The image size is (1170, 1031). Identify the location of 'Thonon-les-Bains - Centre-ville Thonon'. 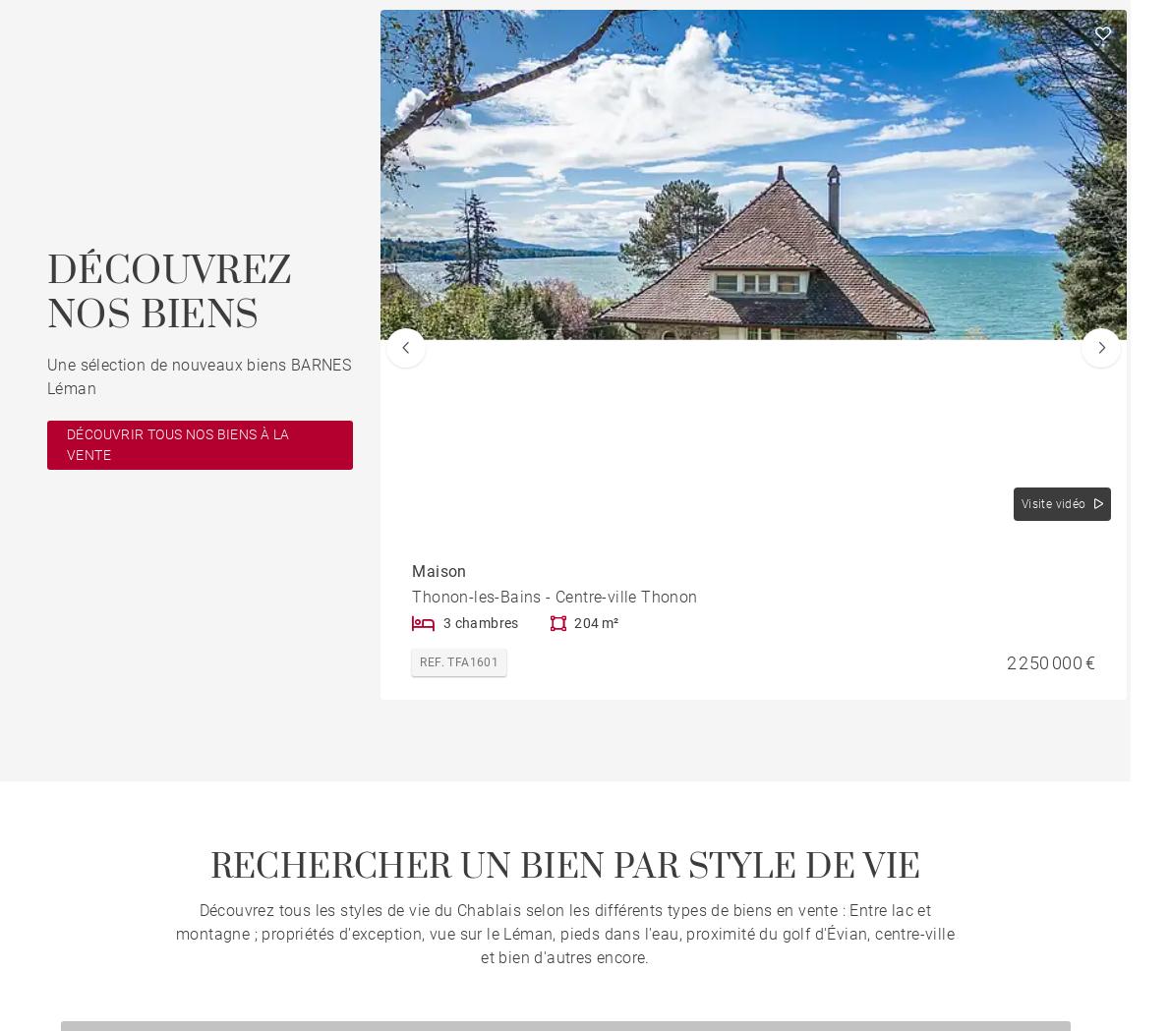
(411, 596).